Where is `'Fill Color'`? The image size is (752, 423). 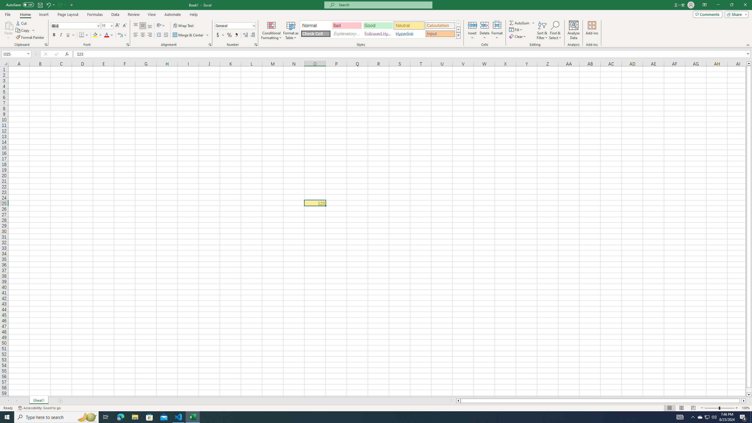
'Fill Color' is located at coordinates (97, 35).